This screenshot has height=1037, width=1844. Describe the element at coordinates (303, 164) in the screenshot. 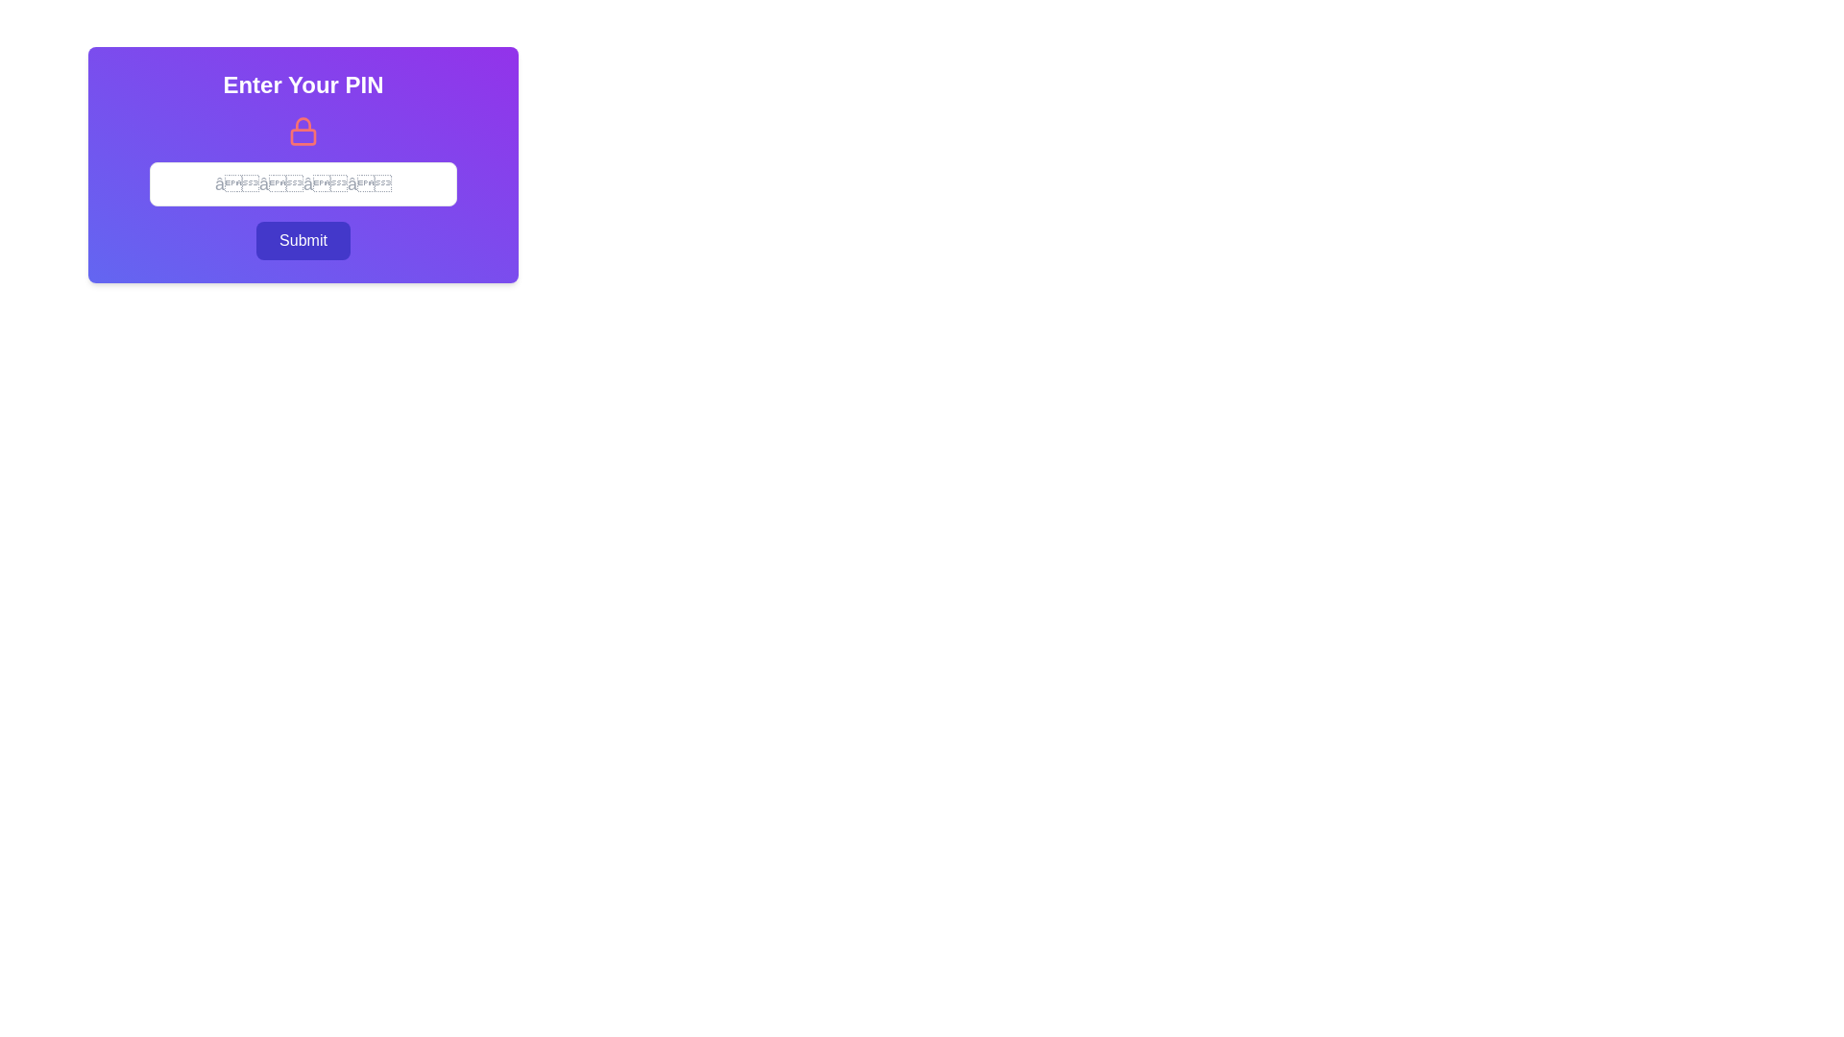

I see `the Password Input Field, which is a rectangular input box with rounded corners, centrally positioned beneath the PIN prompt and lock icon, to focus on it` at that location.